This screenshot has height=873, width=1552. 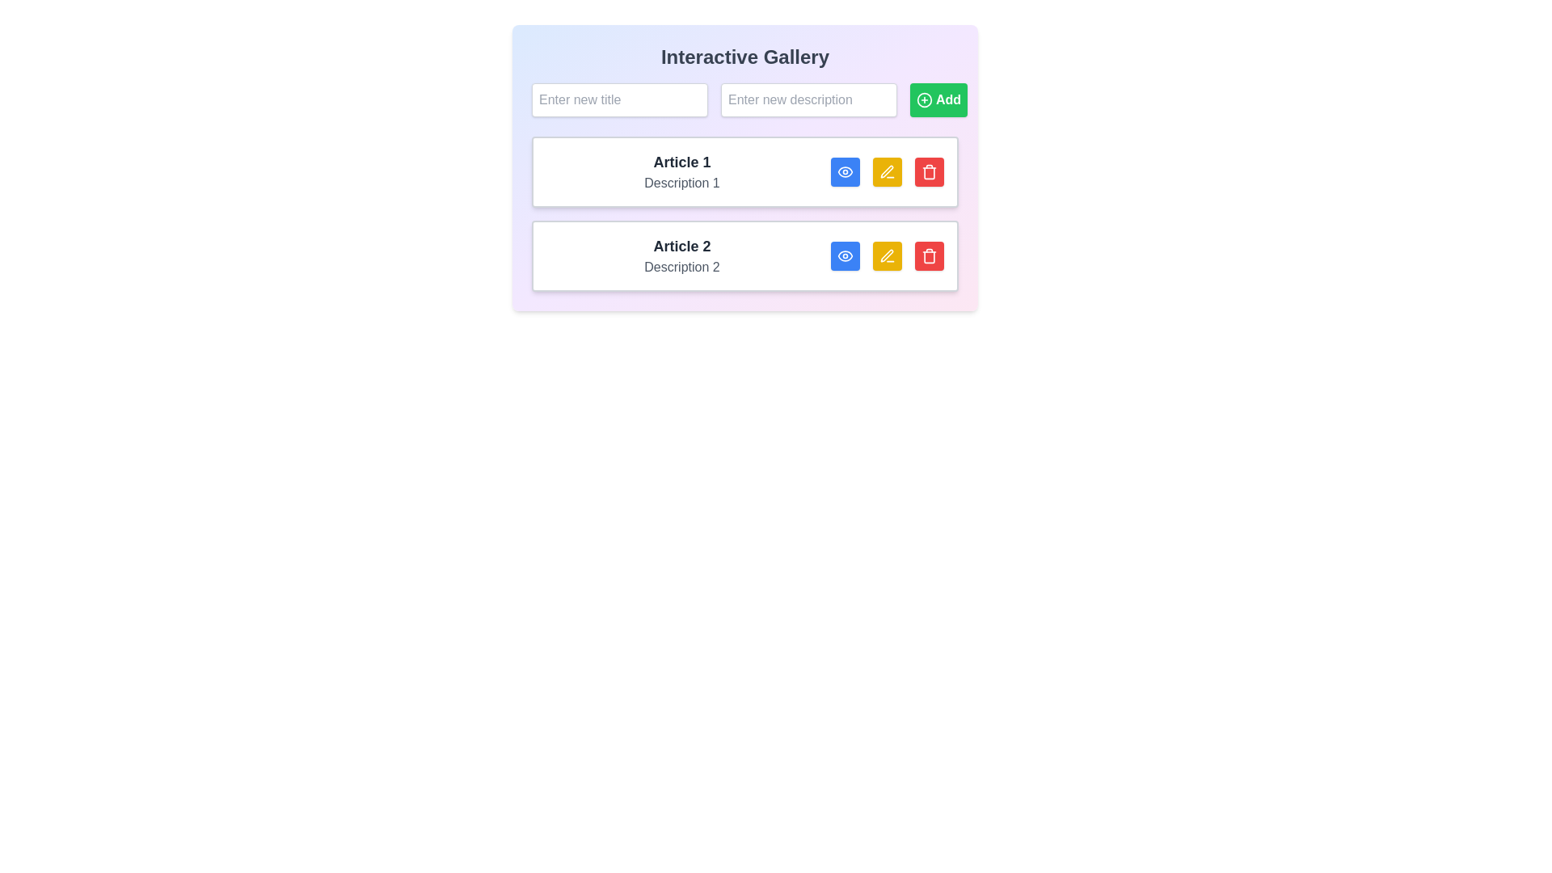 I want to click on the eye icon located in the second row of the interactive gallery to preview the associated content, so click(x=845, y=255).